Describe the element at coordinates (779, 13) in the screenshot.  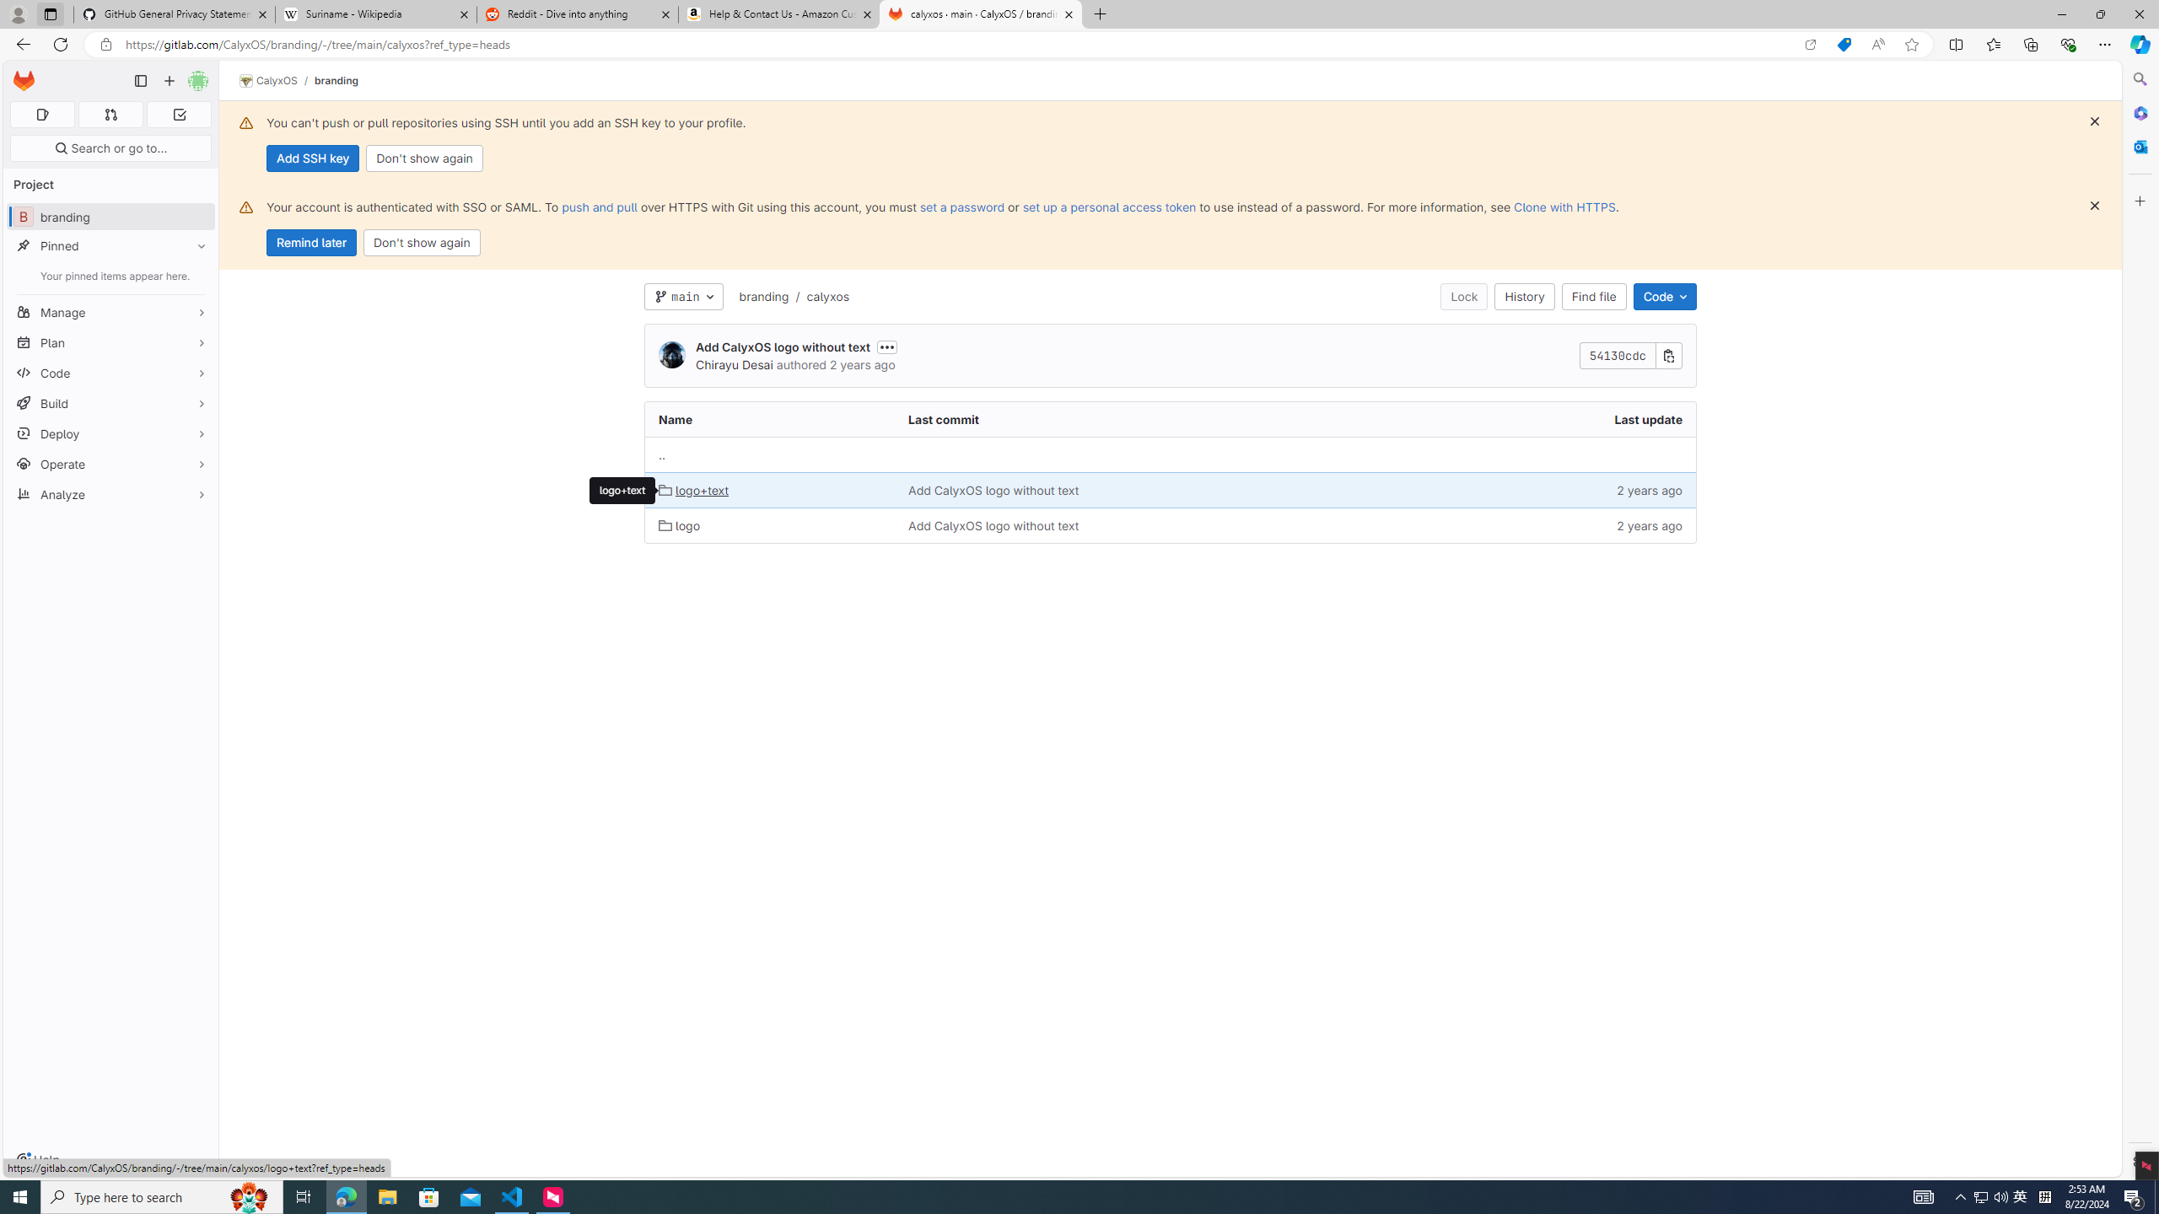
I see `'Help & Contact Us - Amazon Customer Service'` at that location.